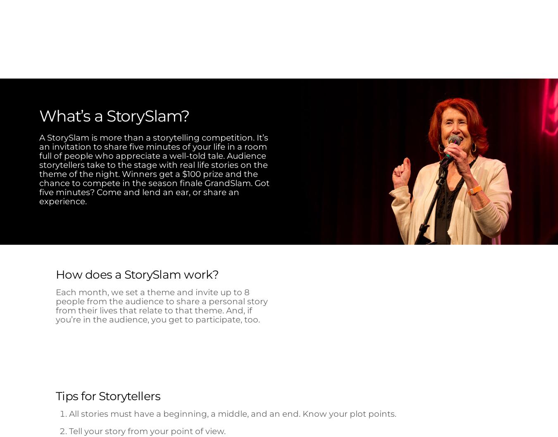 Image resolution: width=558 pixels, height=437 pixels. Describe the element at coordinates (68, 221) in the screenshot. I see `'Plot –'` at that location.